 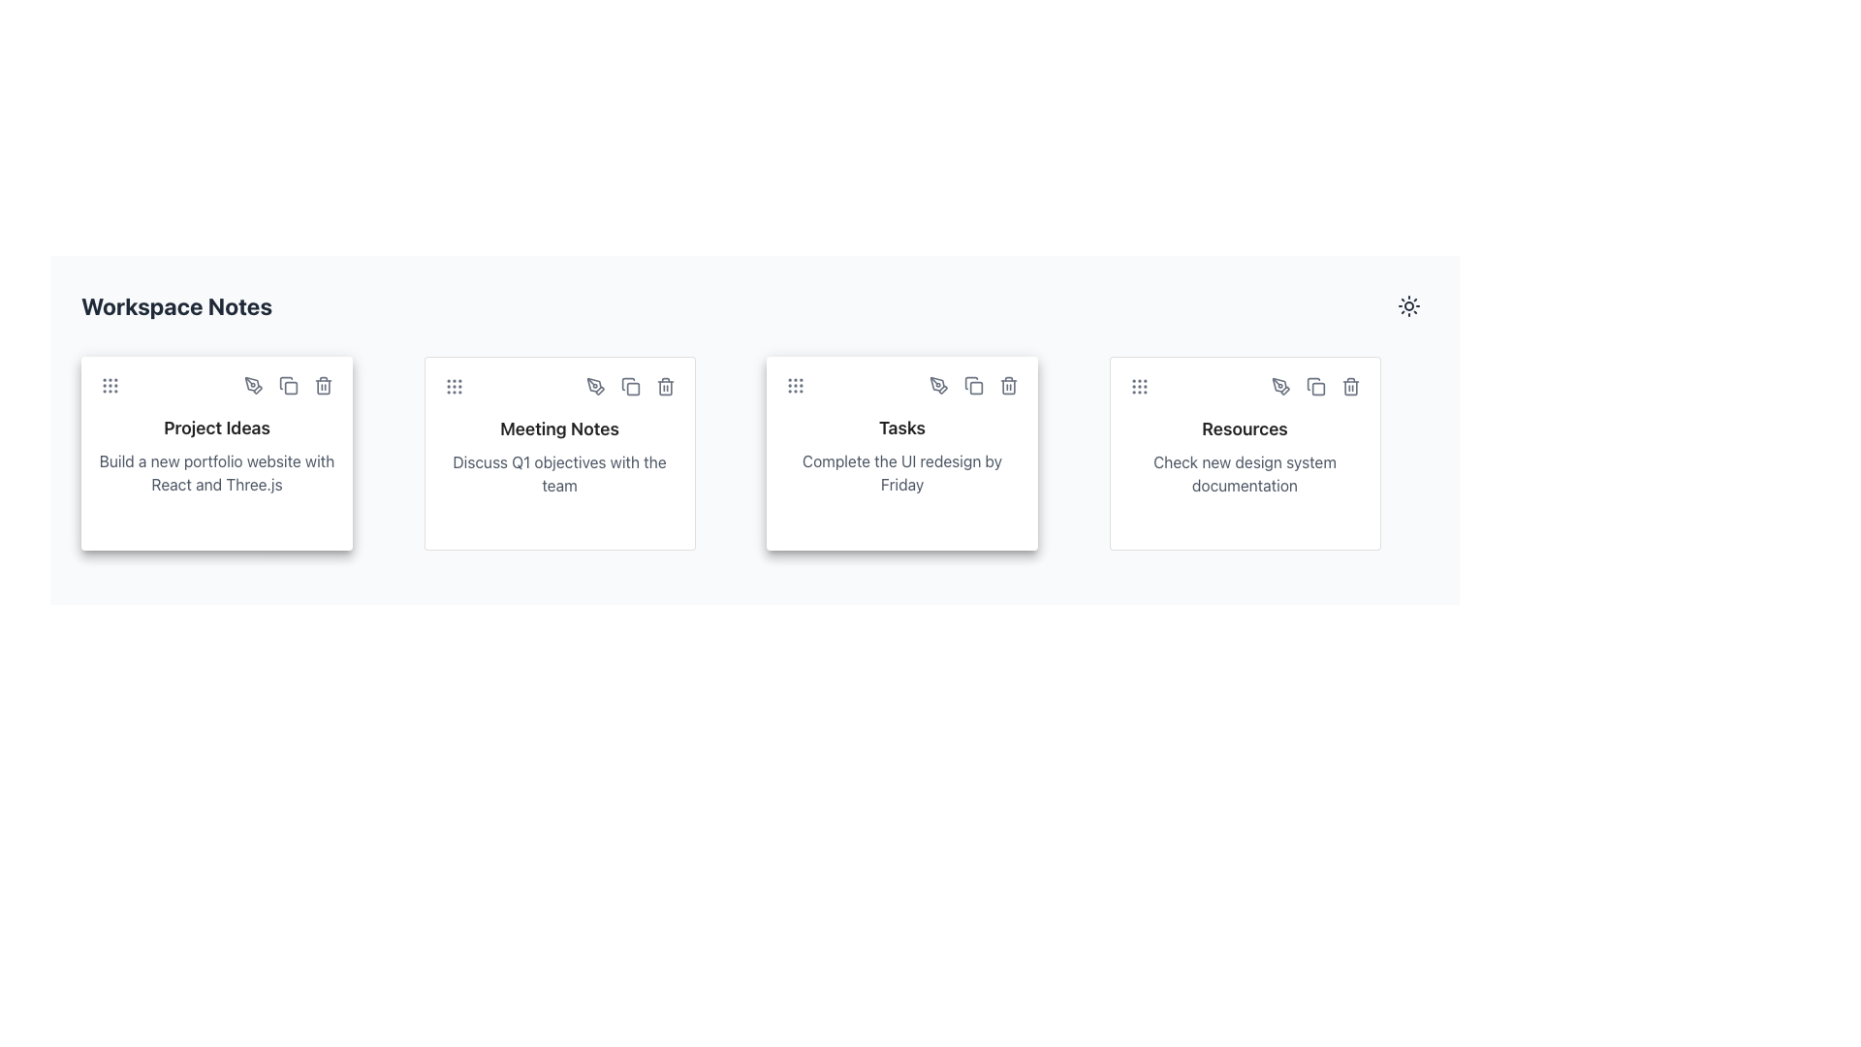 I want to click on the middle vertical rounded rectangle element of the trash icon located in the top-right corner of the 'Resources' card in the fourth column, so click(x=1349, y=388).